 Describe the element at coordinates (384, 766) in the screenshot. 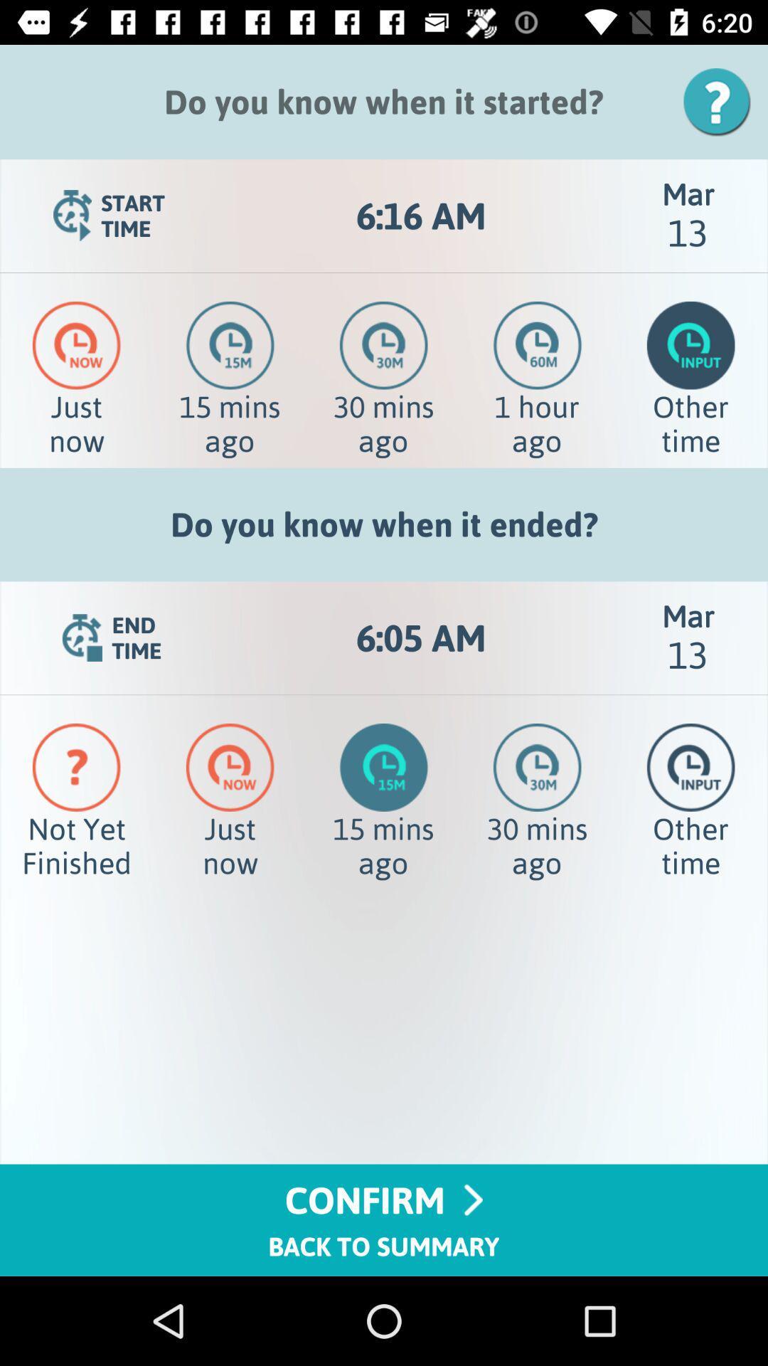

I see `the time icon` at that location.